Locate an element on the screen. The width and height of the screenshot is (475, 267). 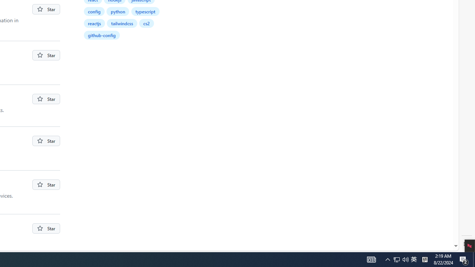
'github-config' is located at coordinates (101, 35).